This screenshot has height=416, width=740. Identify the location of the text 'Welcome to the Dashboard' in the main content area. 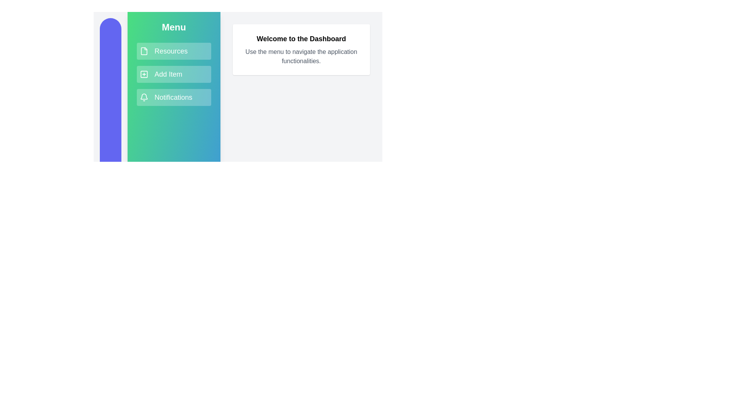
(241, 33).